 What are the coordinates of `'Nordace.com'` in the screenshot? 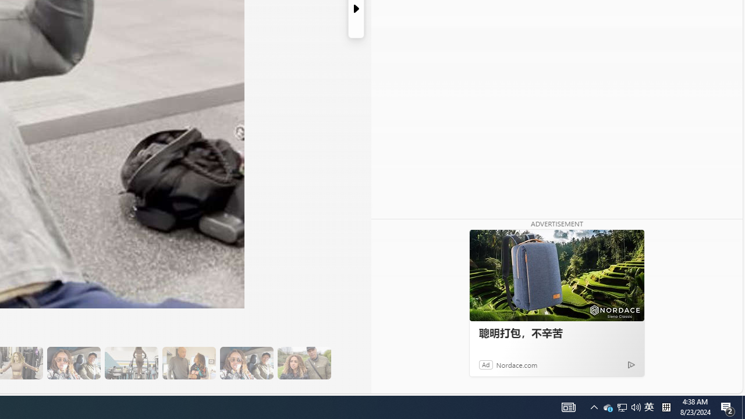 It's located at (516, 364).